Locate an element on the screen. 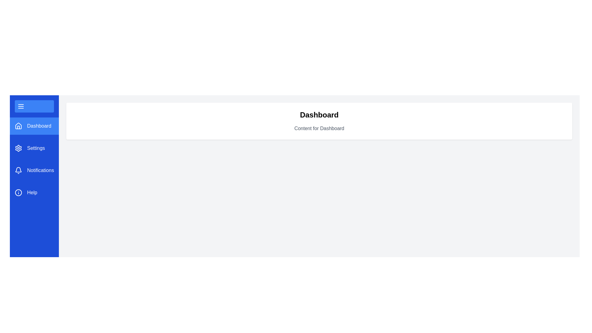 This screenshot has width=592, height=333. the Navigation link located at the bottom of the left sidebar is located at coordinates (34, 192).